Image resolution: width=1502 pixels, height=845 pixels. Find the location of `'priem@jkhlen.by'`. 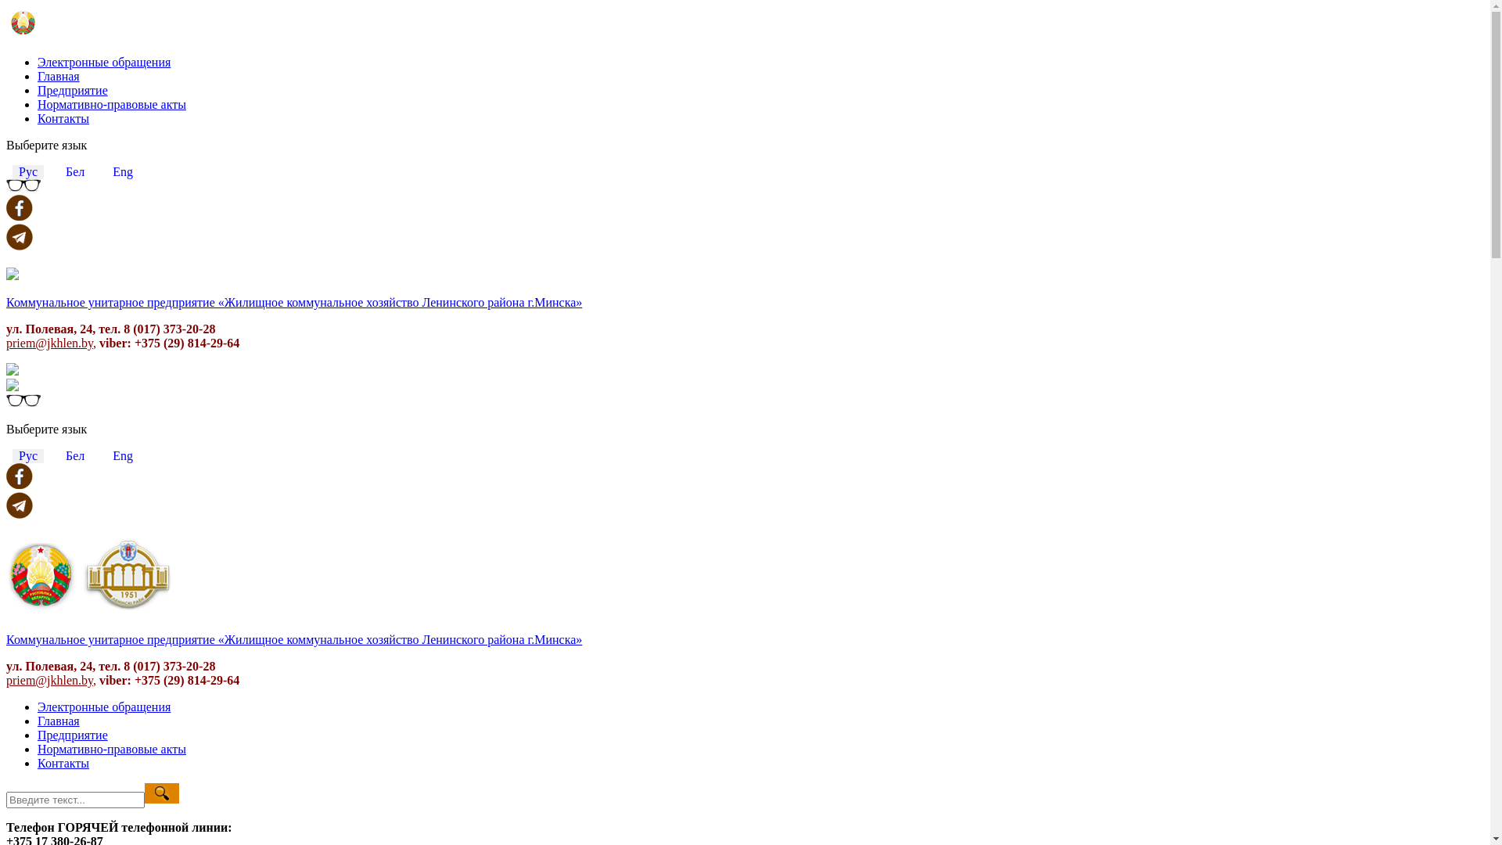

'priem@jkhlen.by' is located at coordinates (6, 679).